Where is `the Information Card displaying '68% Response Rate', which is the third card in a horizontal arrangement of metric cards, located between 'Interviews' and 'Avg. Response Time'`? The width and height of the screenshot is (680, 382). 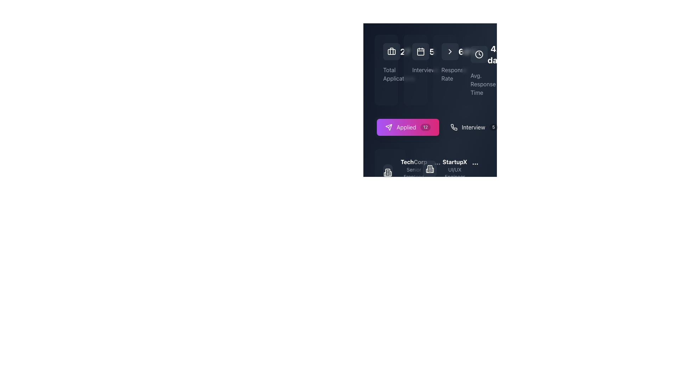 the Information Card displaying '68% Response Rate', which is the third card in a horizontal arrangement of metric cards, located between 'Interviews' and 'Avg. Response Time' is located at coordinates (444, 70).